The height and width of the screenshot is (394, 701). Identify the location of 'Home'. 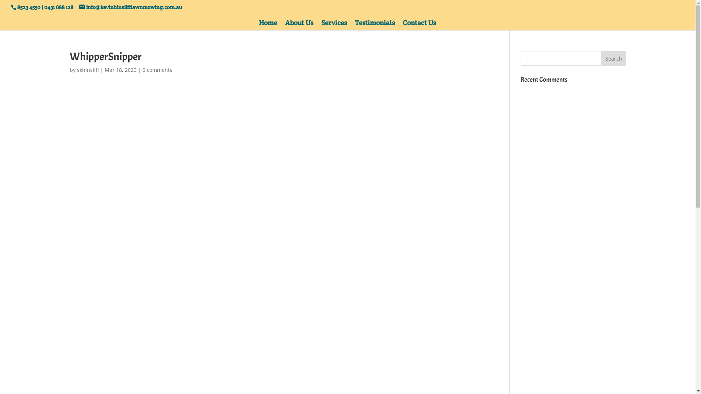
(268, 25).